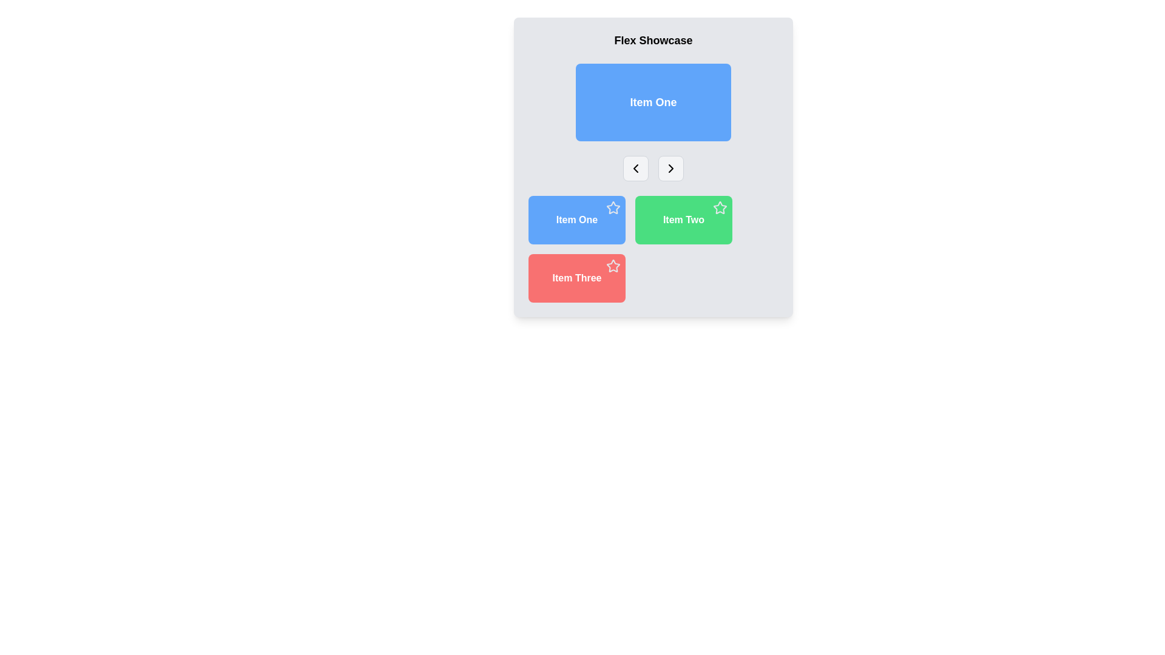  I want to click on the navigation button with a rounded border and an embedded SVG icon, so click(670, 168).